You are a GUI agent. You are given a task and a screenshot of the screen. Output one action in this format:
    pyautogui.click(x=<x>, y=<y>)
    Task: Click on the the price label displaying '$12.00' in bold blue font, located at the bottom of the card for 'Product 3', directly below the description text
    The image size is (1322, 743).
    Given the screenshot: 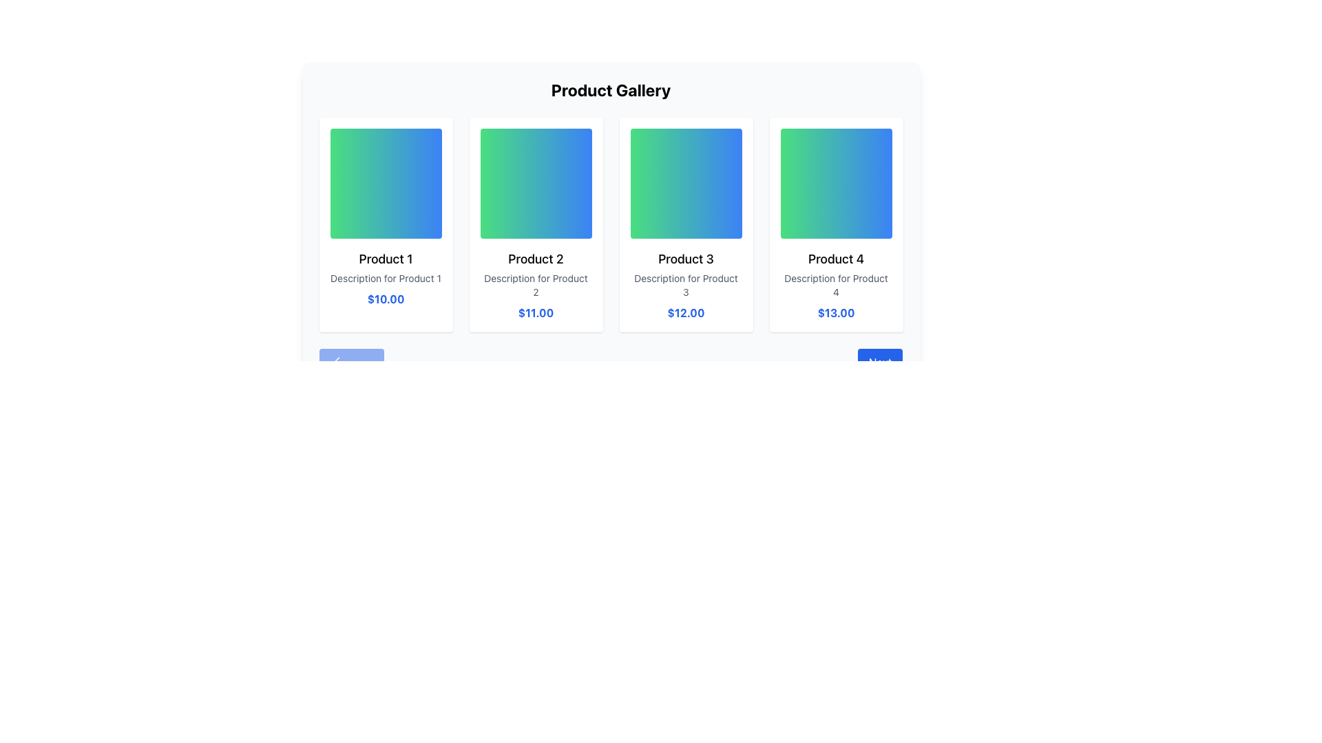 What is the action you would take?
    pyautogui.click(x=686, y=313)
    